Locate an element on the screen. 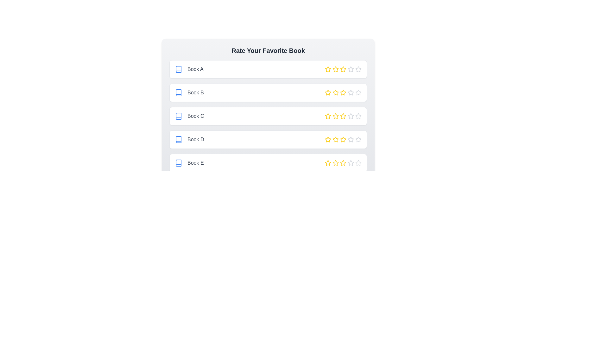  the star corresponding to 4 stars for the book titled Book B is located at coordinates (351, 93).